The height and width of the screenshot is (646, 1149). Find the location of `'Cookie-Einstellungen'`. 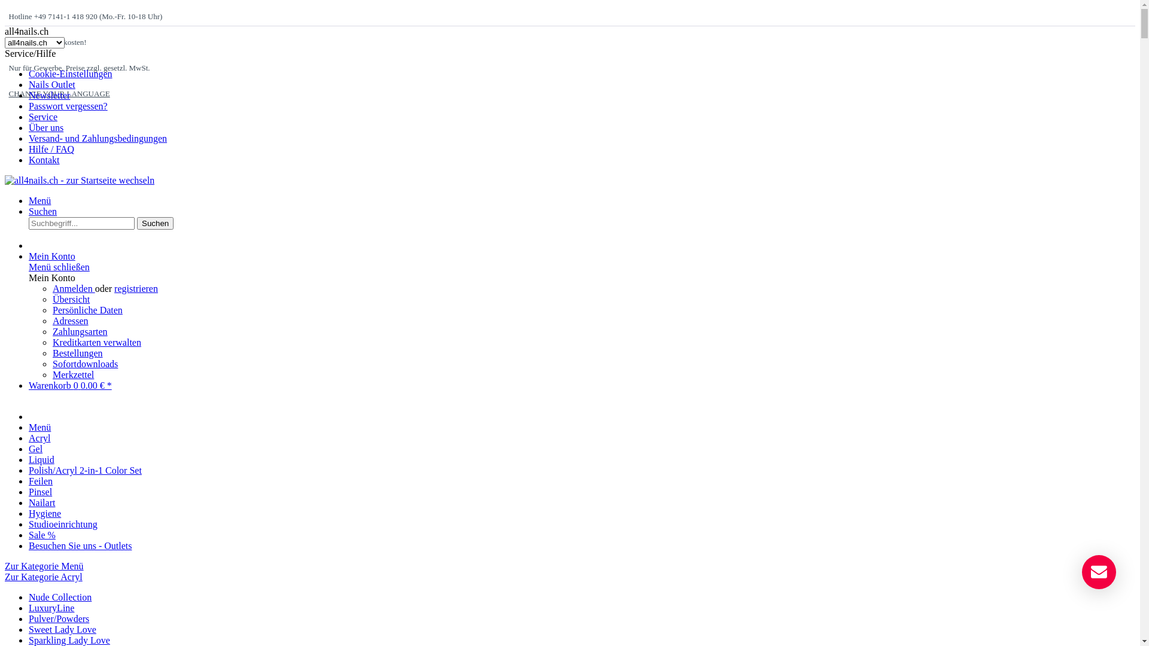

'Cookie-Einstellungen' is located at coordinates (70, 74).